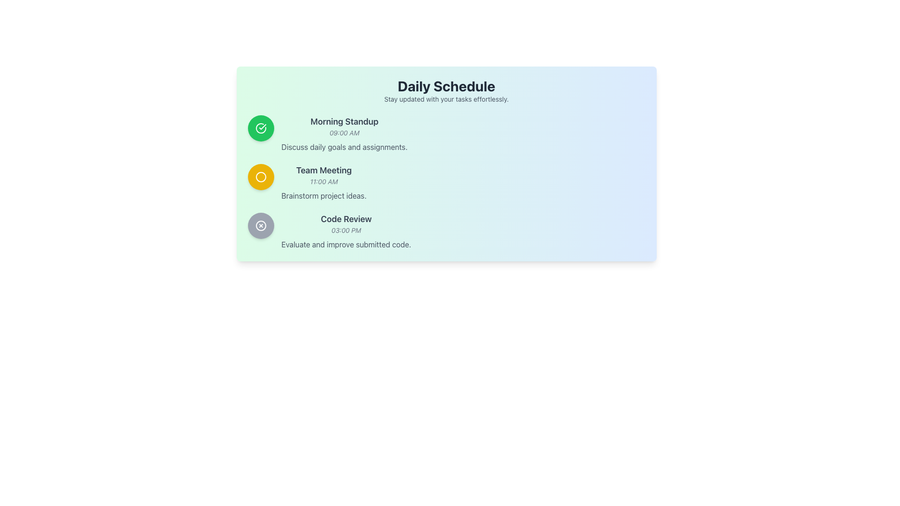 The image size is (900, 506). Describe the element at coordinates (261, 226) in the screenshot. I see `the third icon in the column, which is a minimalist circle enclosing an 'X' mark` at that location.